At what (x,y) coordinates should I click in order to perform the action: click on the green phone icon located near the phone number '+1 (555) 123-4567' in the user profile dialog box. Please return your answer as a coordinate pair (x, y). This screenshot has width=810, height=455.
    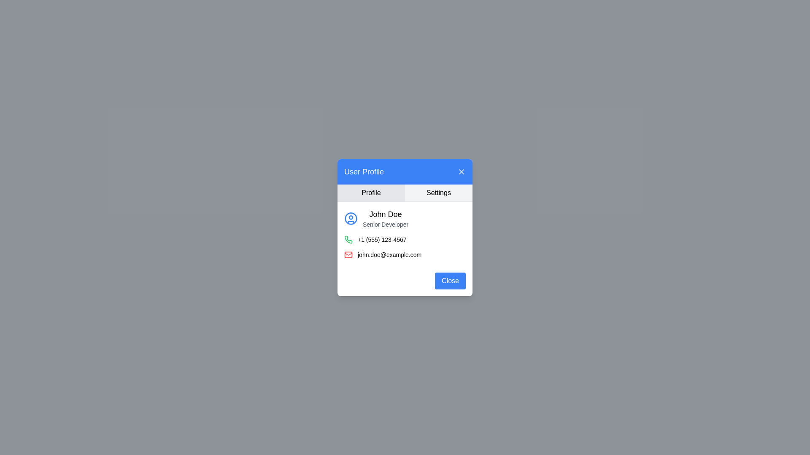
    Looking at the image, I should click on (348, 239).